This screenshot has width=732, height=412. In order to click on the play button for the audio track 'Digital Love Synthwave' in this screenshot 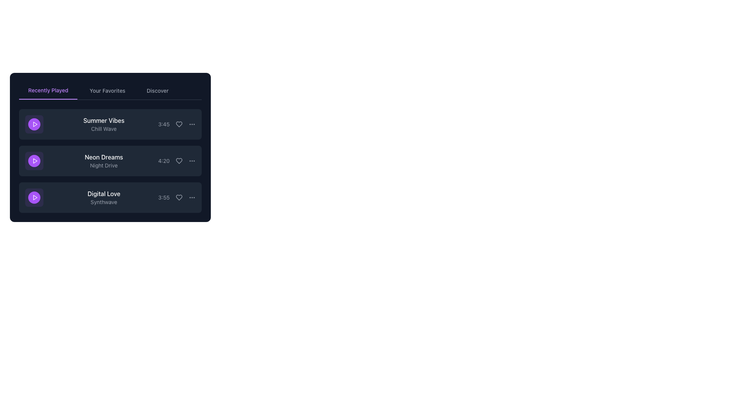, I will do `click(34, 197)`.